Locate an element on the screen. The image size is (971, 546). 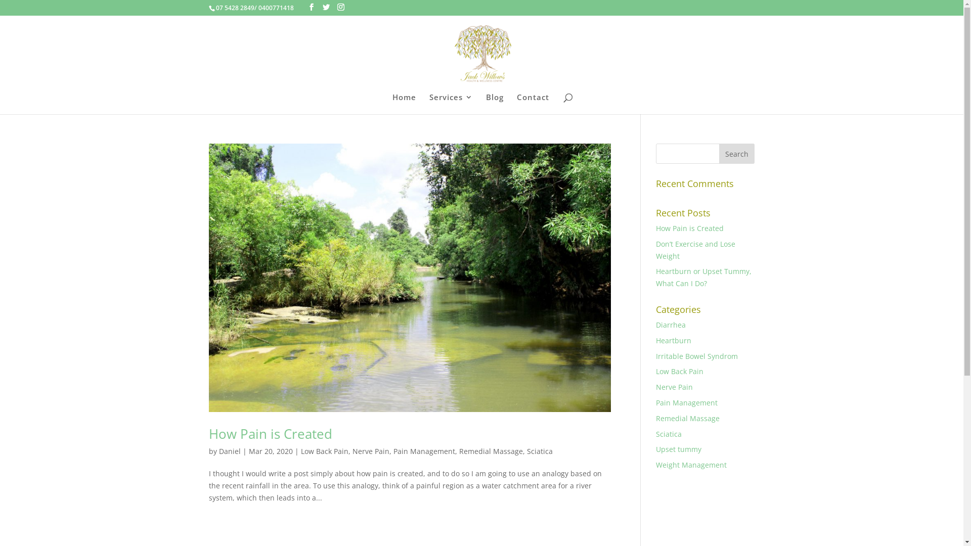
'Heartburn or Upset Tummy, What Can I Do?' is located at coordinates (703, 277).